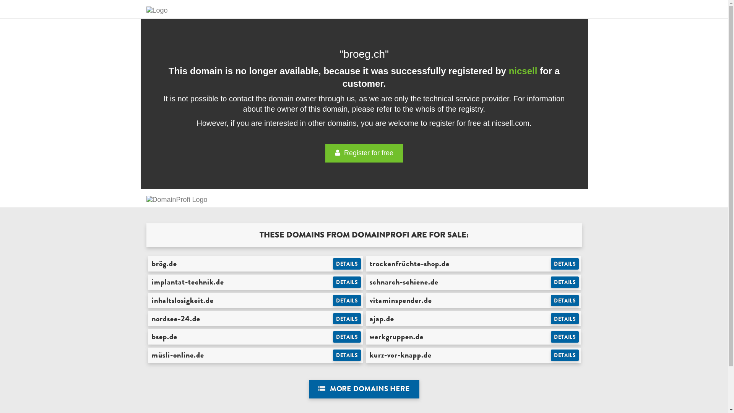 The image size is (734, 413). What do you see at coordinates (565, 263) in the screenshot?
I see `'DETAILS'` at bounding box center [565, 263].